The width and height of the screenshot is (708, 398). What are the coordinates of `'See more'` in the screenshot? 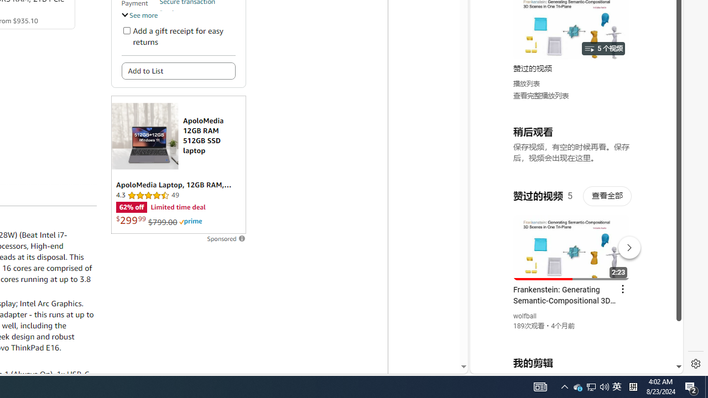 It's located at (139, 15).